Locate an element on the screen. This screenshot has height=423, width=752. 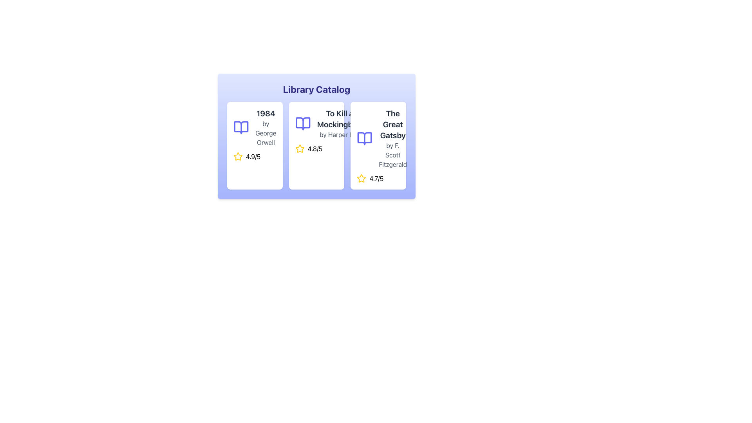
rating value displayed in the text label showing '4.9/5', which is styled with a black font on a white background and is located next to a yellow star icon in the book card for '1984' by George Orwell is located at coordinates (253, 157).